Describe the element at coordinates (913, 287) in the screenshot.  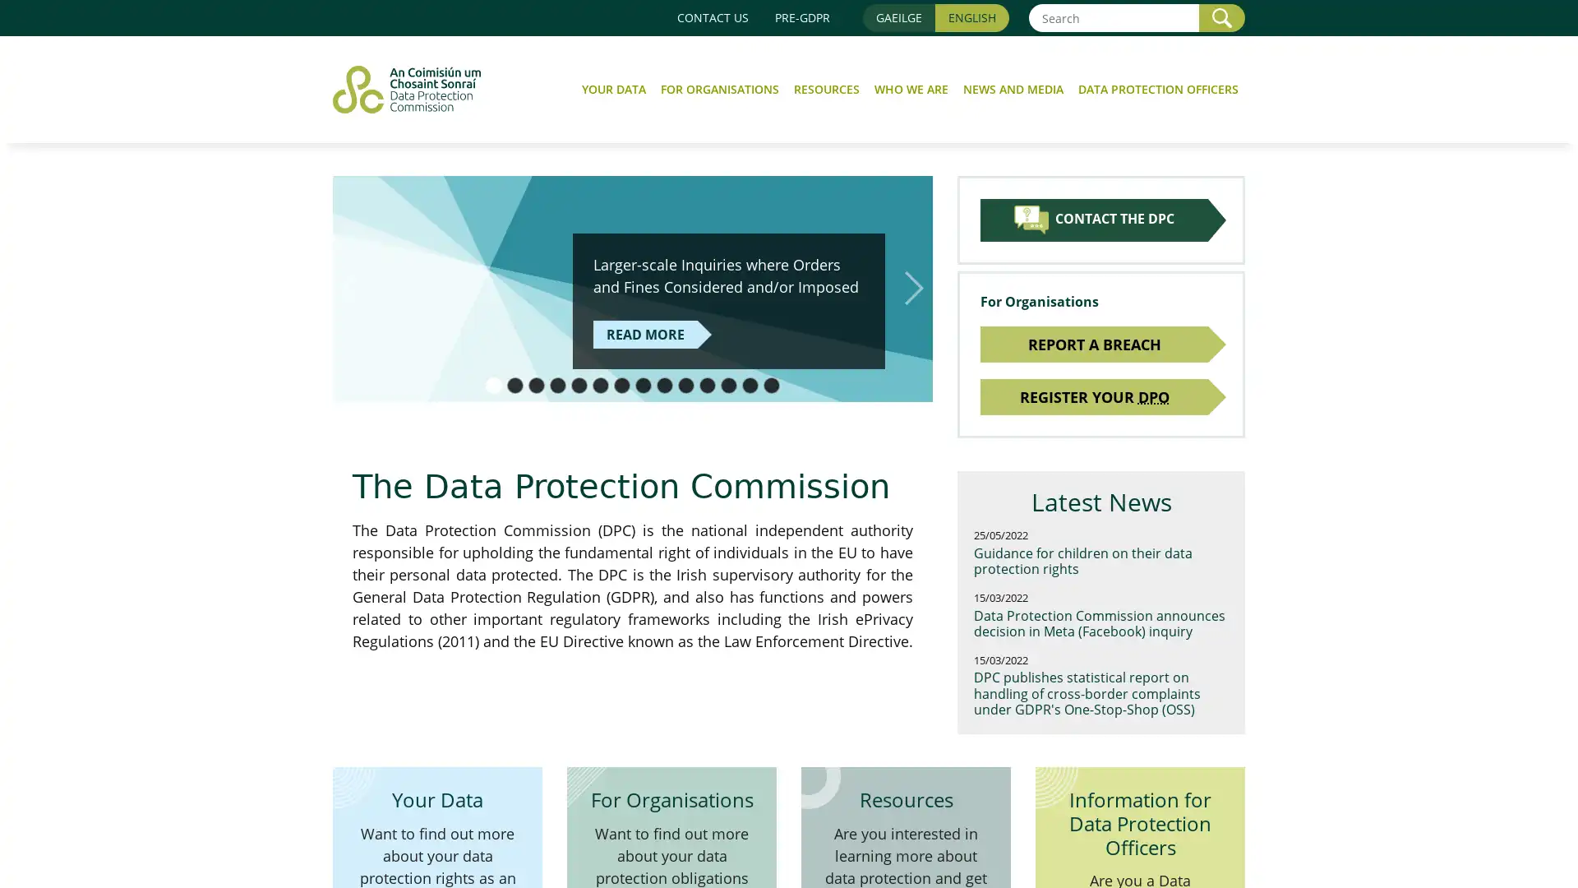
I see `Next` at that location.